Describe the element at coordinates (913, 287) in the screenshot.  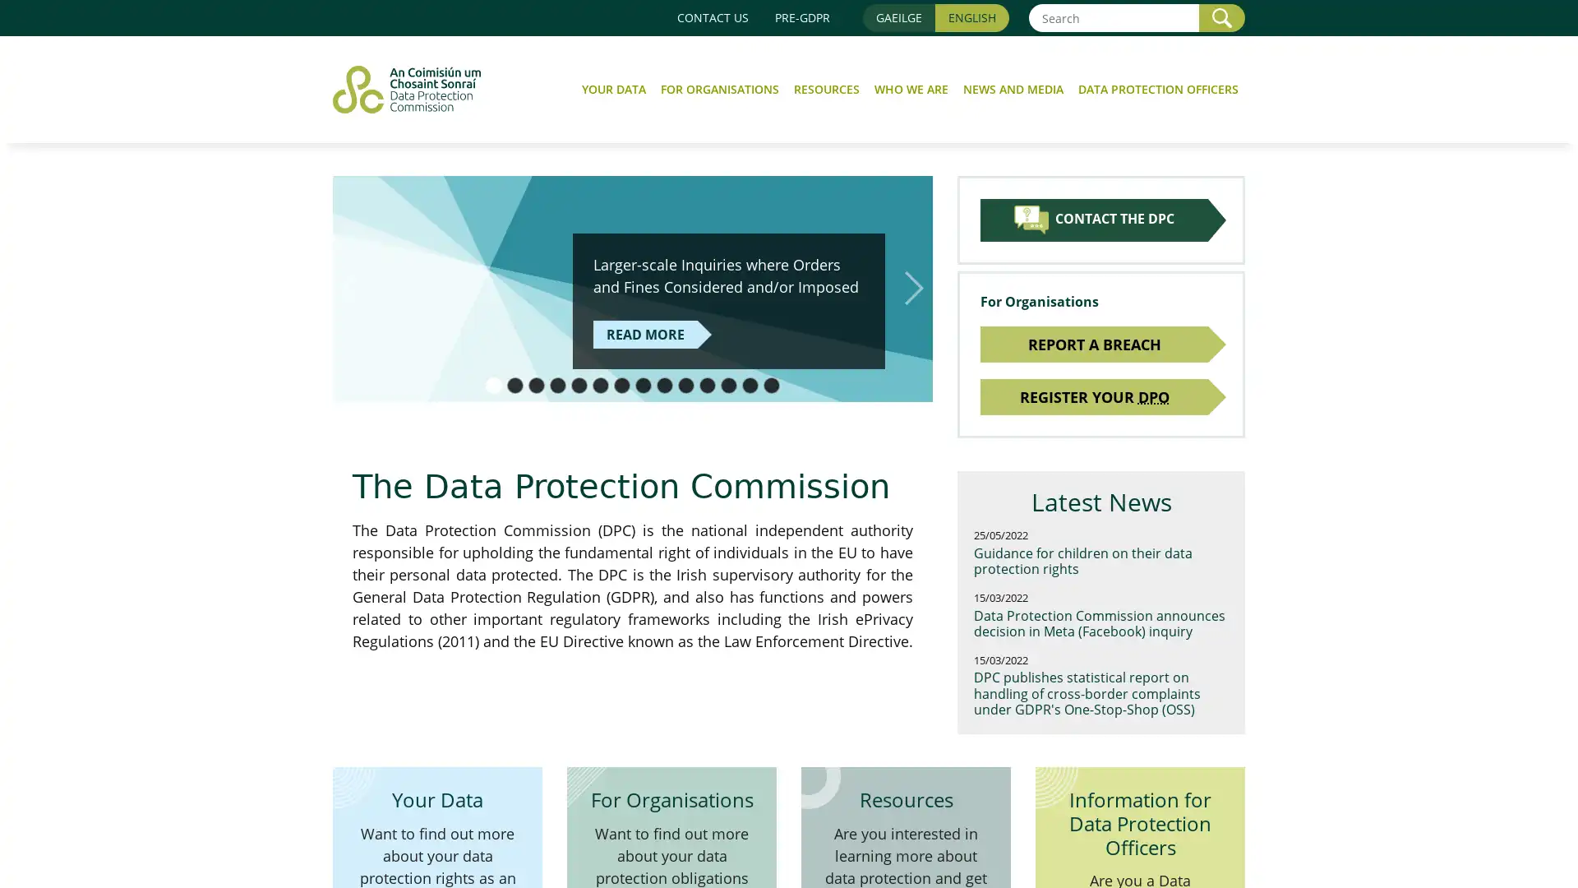
I see `Next` at that location.